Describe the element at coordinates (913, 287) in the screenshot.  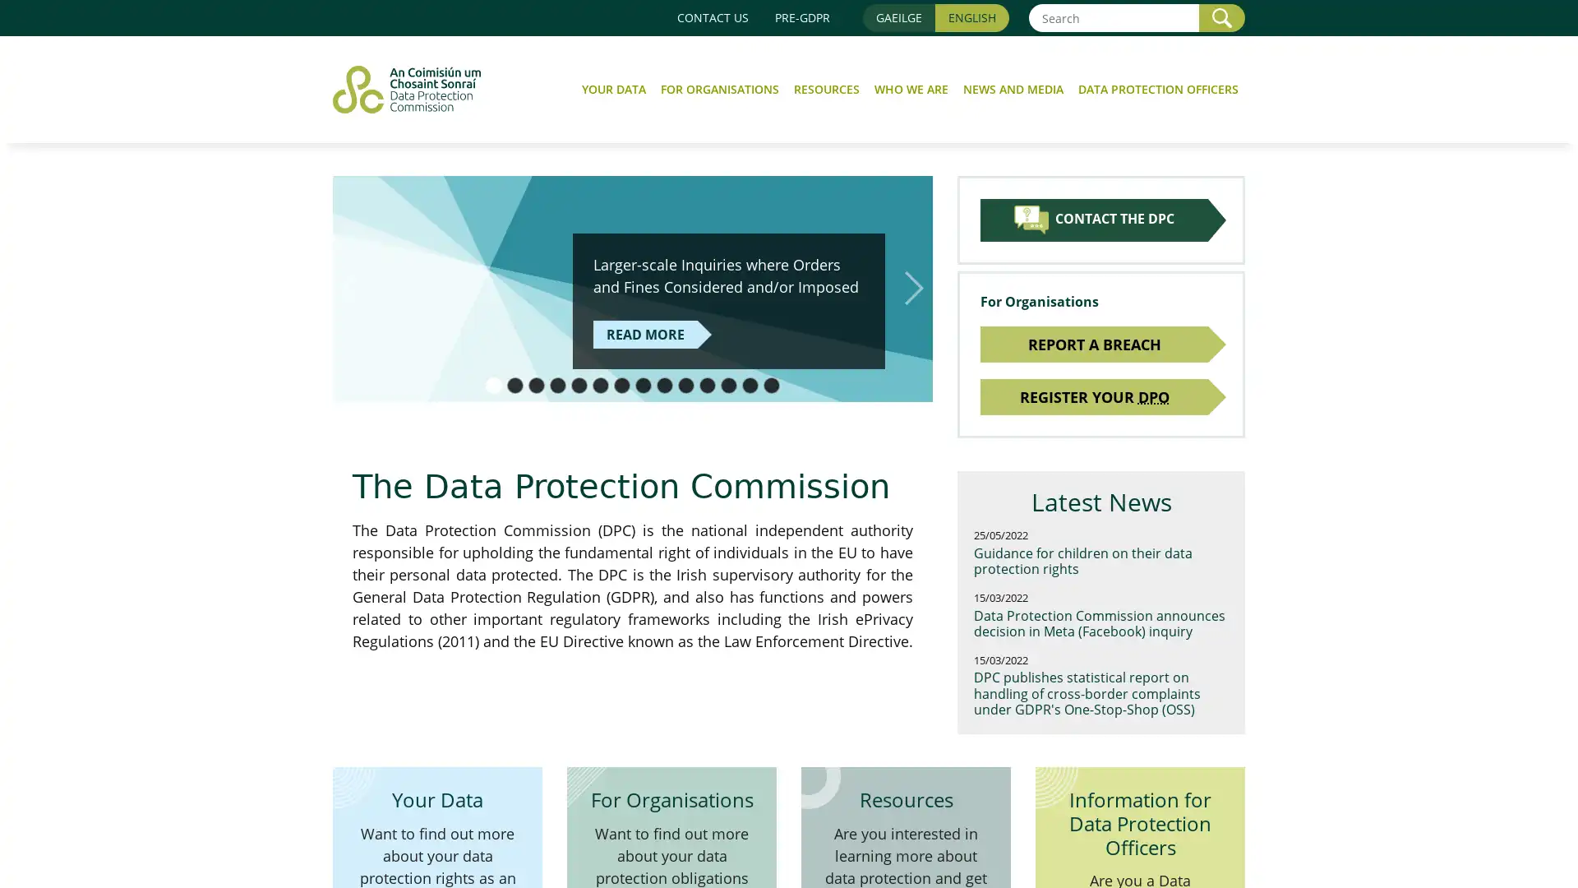
I see `Next` at that location.